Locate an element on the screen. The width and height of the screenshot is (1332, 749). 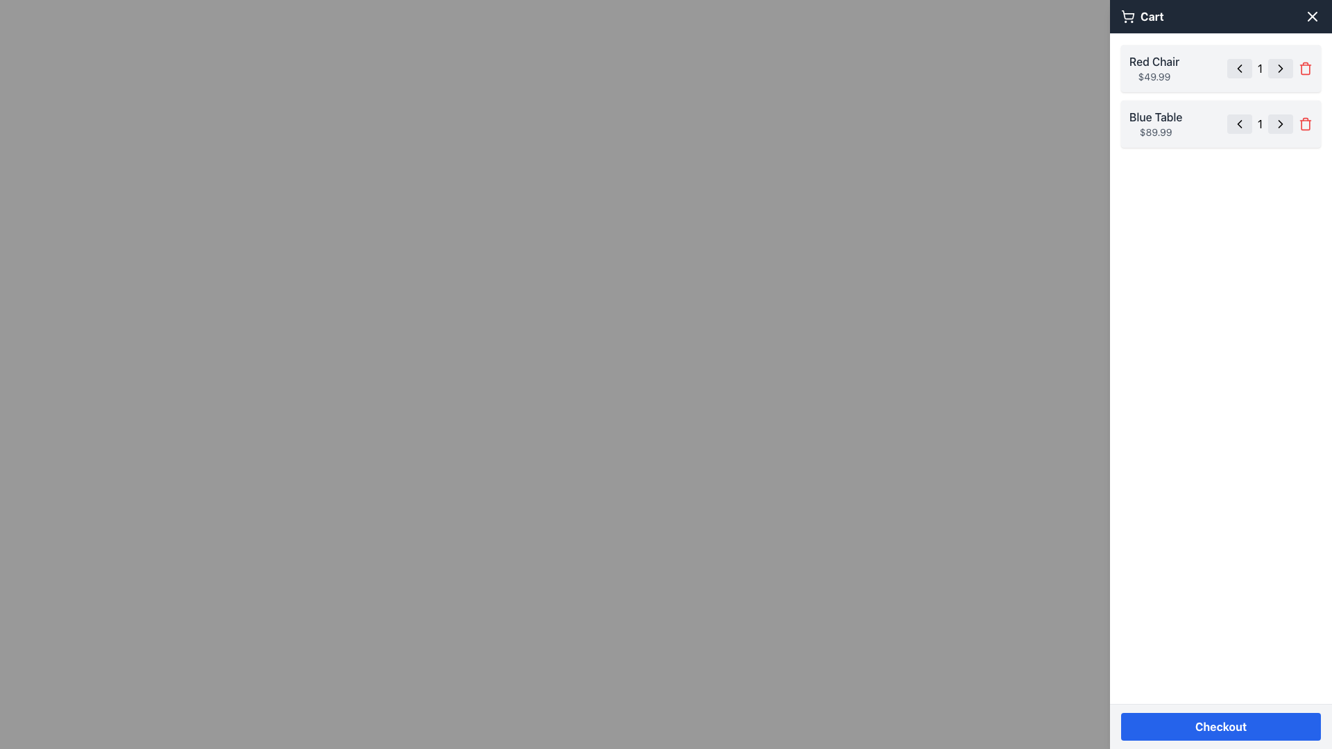
the increment button for the 'Red Chair' item in the cart is located at coordinates (1280, 69).